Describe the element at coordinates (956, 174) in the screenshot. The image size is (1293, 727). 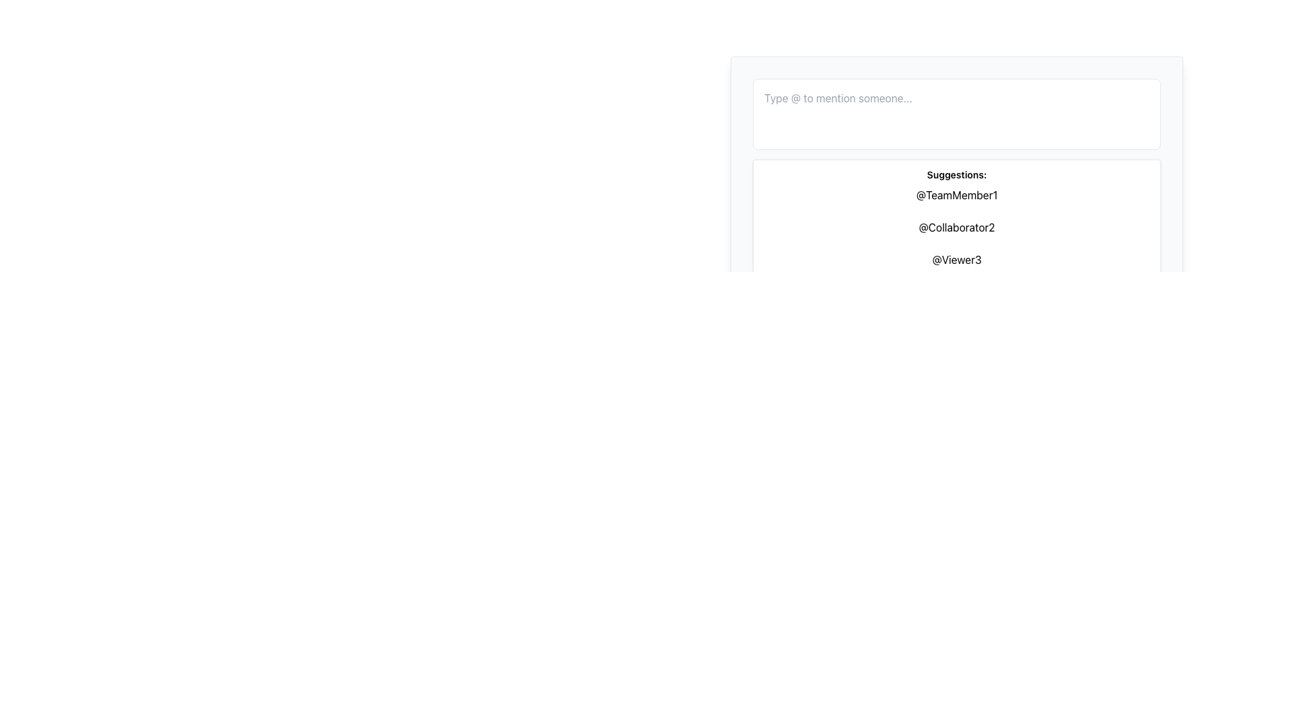
I see `the static text label indicating the purpose of the dropdown for suggestions, which is positioned above the interactive suggestions list` at that location.